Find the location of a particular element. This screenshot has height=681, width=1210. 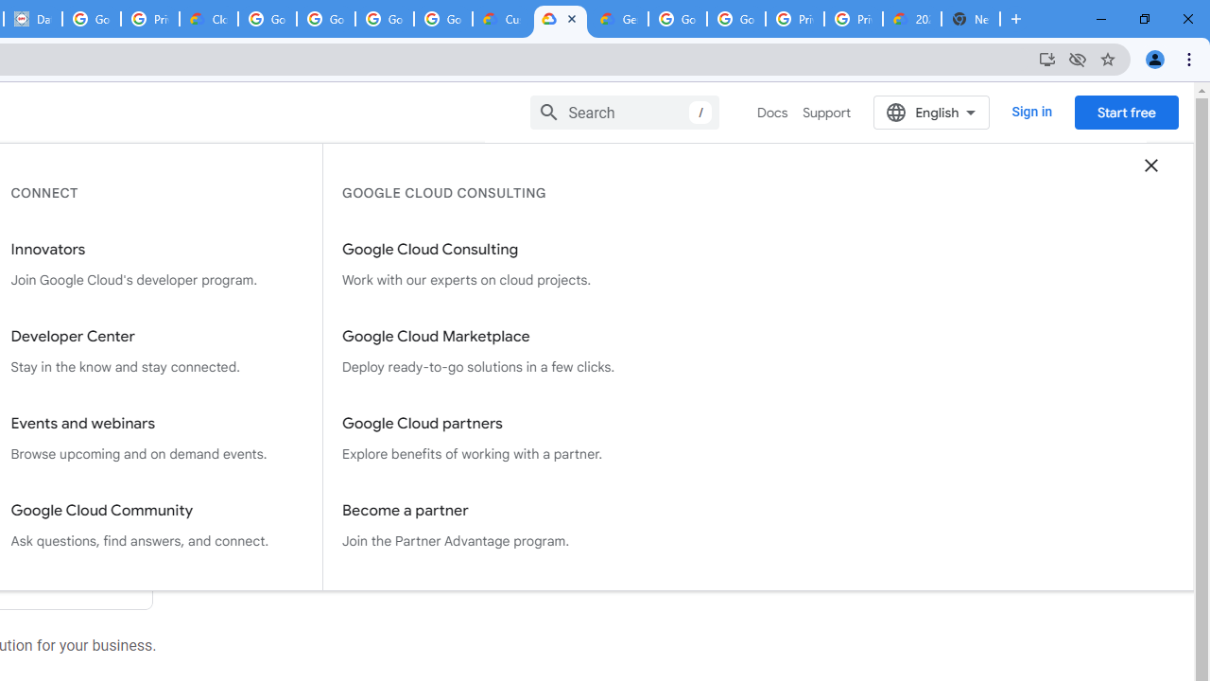

'New Tab' is located at coordinates (1015, 19).